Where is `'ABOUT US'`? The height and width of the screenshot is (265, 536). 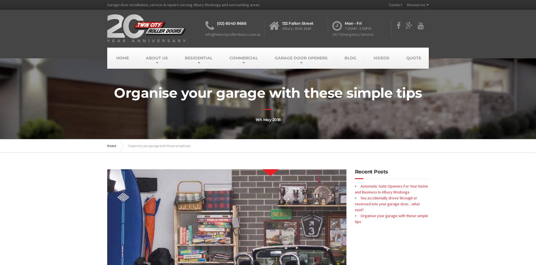
'ABOUT US' is located at coordinates (156, 58).